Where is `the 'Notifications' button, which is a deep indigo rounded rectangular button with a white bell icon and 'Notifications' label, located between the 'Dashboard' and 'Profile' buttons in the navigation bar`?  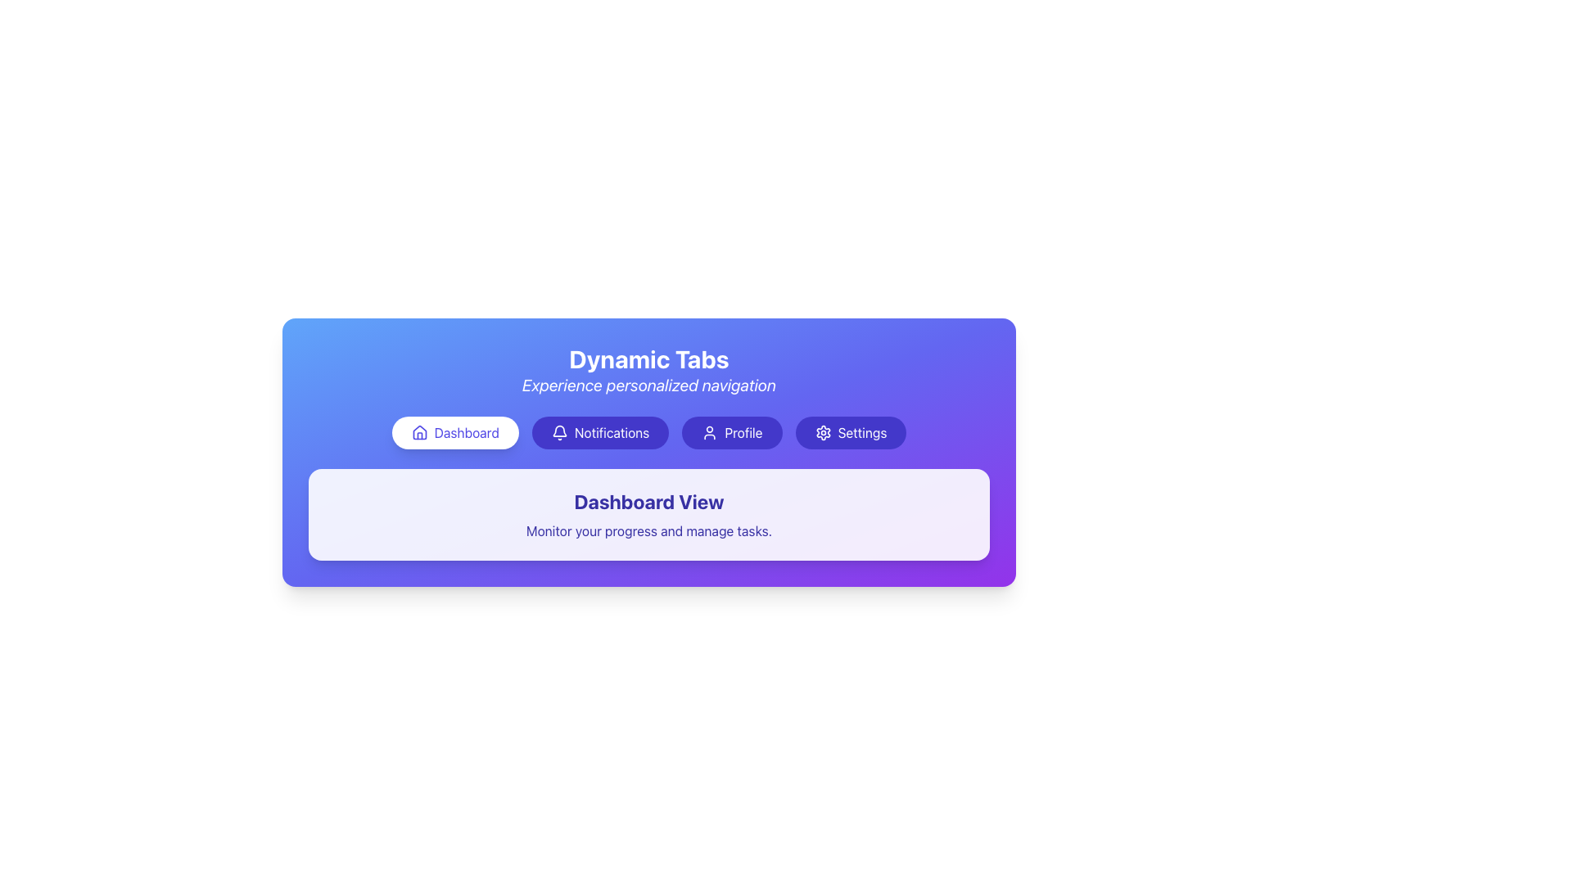 the 'Notifications' button, which is a deep indigo rounded rectangular button with a white bell icon and 'Notifications' label, located between the 'Dashboard' and 'Profile' buttons in the navigation bar is located at coordinates (599, 431).